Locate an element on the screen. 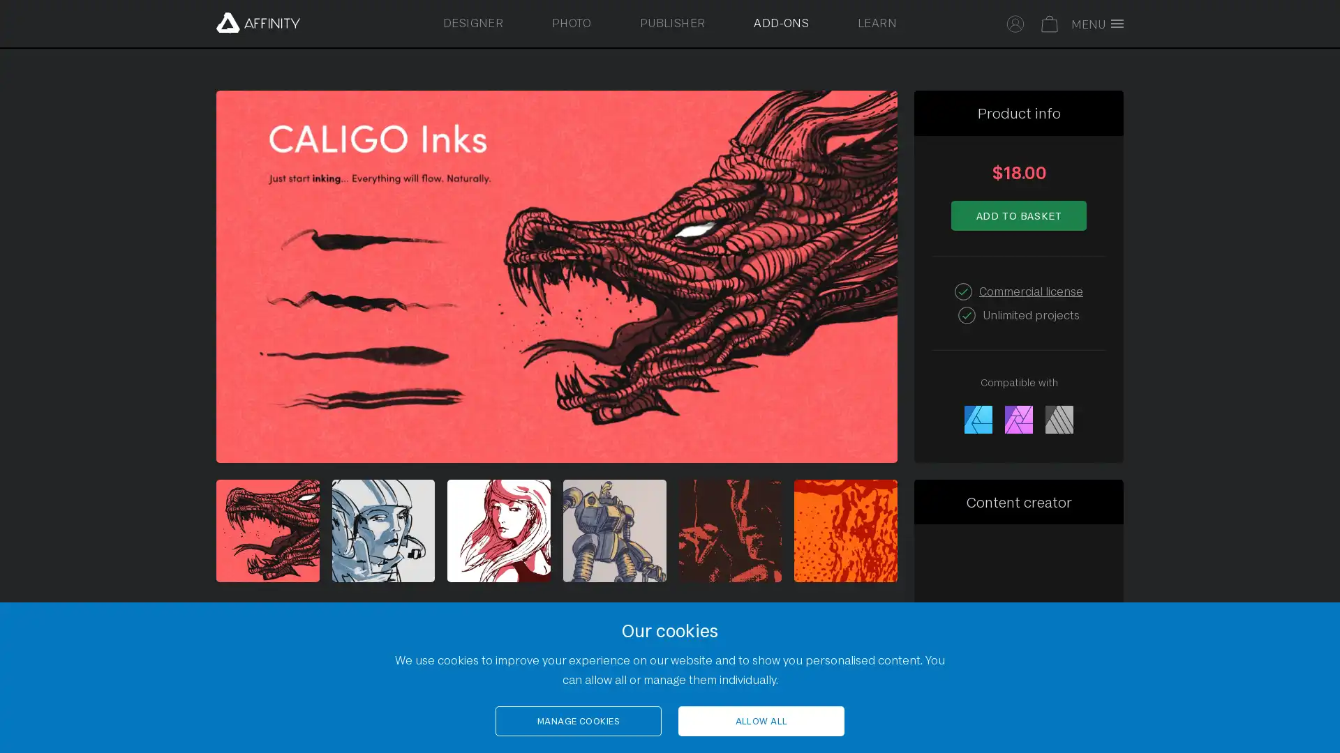 The height and width of the screenshot is (753, 1340). ALLOW ALL is located at coordinates (760, 721).